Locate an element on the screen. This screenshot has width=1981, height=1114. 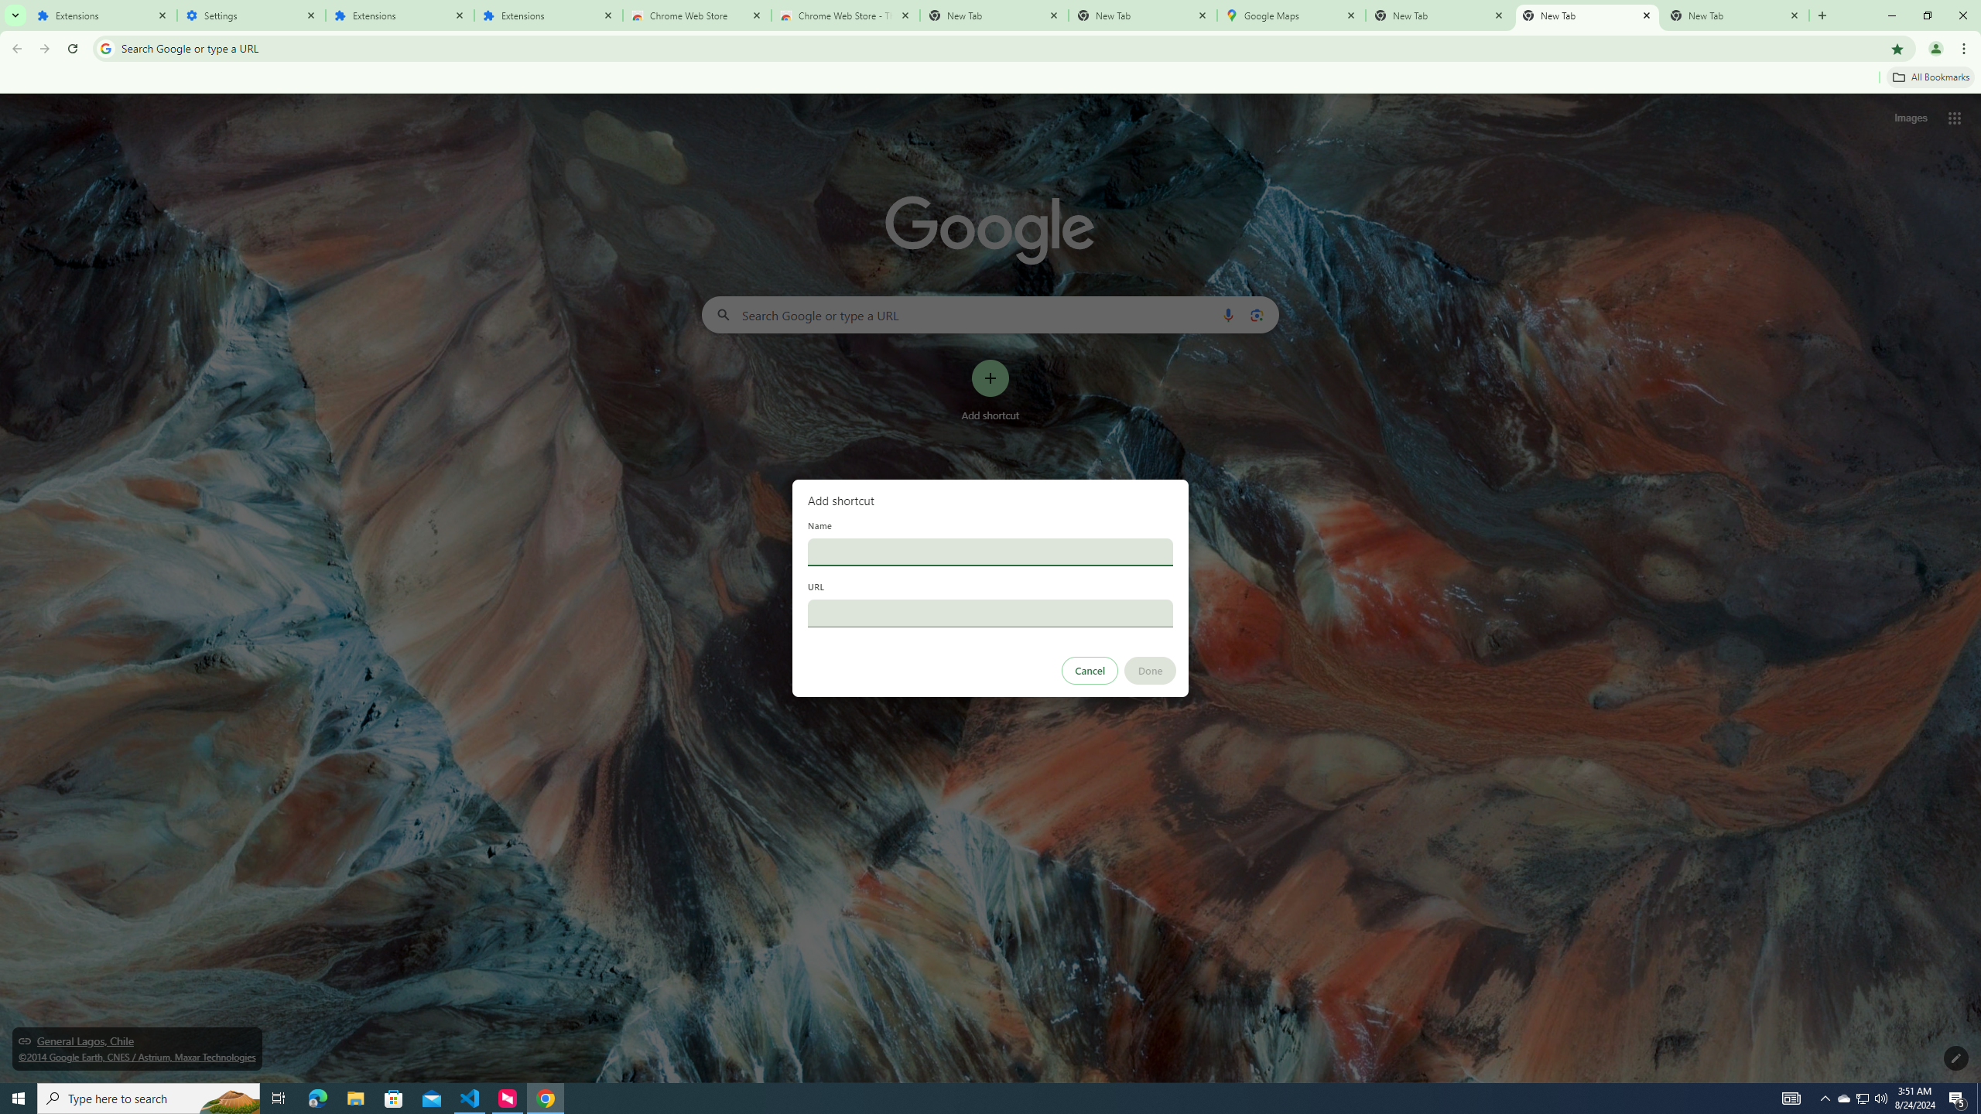
'Cancel' is located at coordinates (1090, 670).